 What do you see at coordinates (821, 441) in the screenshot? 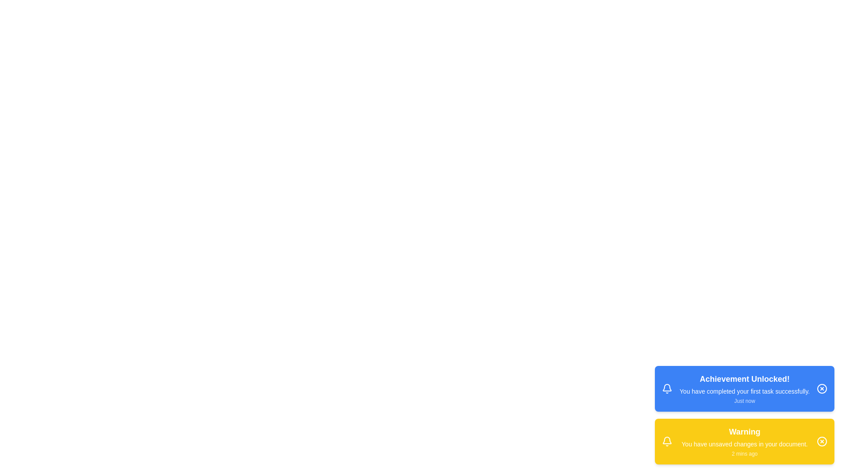
I see `'X' button on the snackbar with title 'Warning'` at bounding box center [821, 441].